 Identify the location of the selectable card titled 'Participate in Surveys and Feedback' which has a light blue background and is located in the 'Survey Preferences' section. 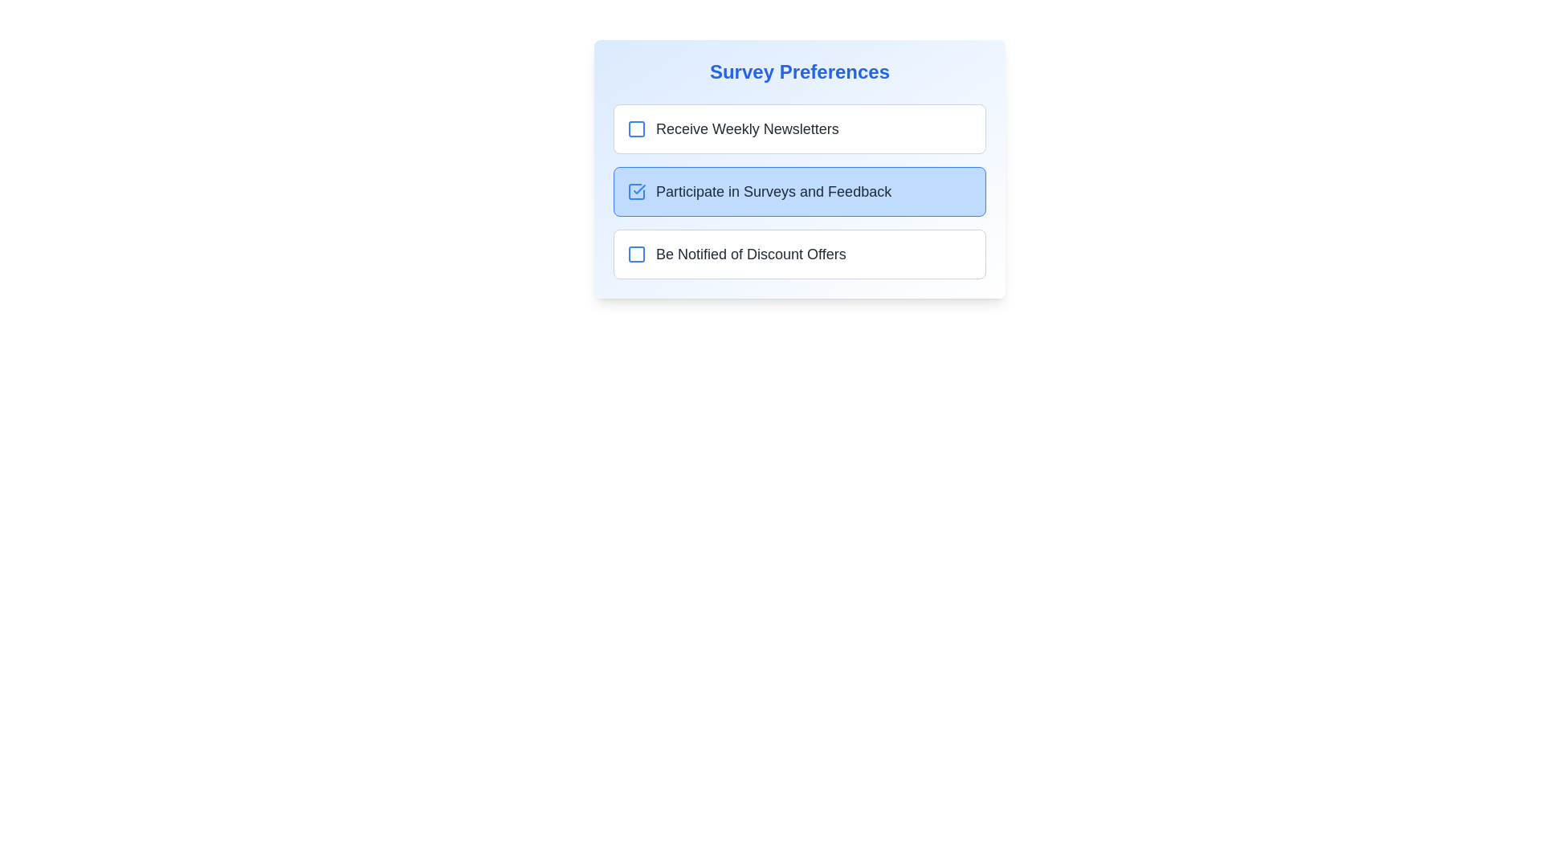
(800, 169).